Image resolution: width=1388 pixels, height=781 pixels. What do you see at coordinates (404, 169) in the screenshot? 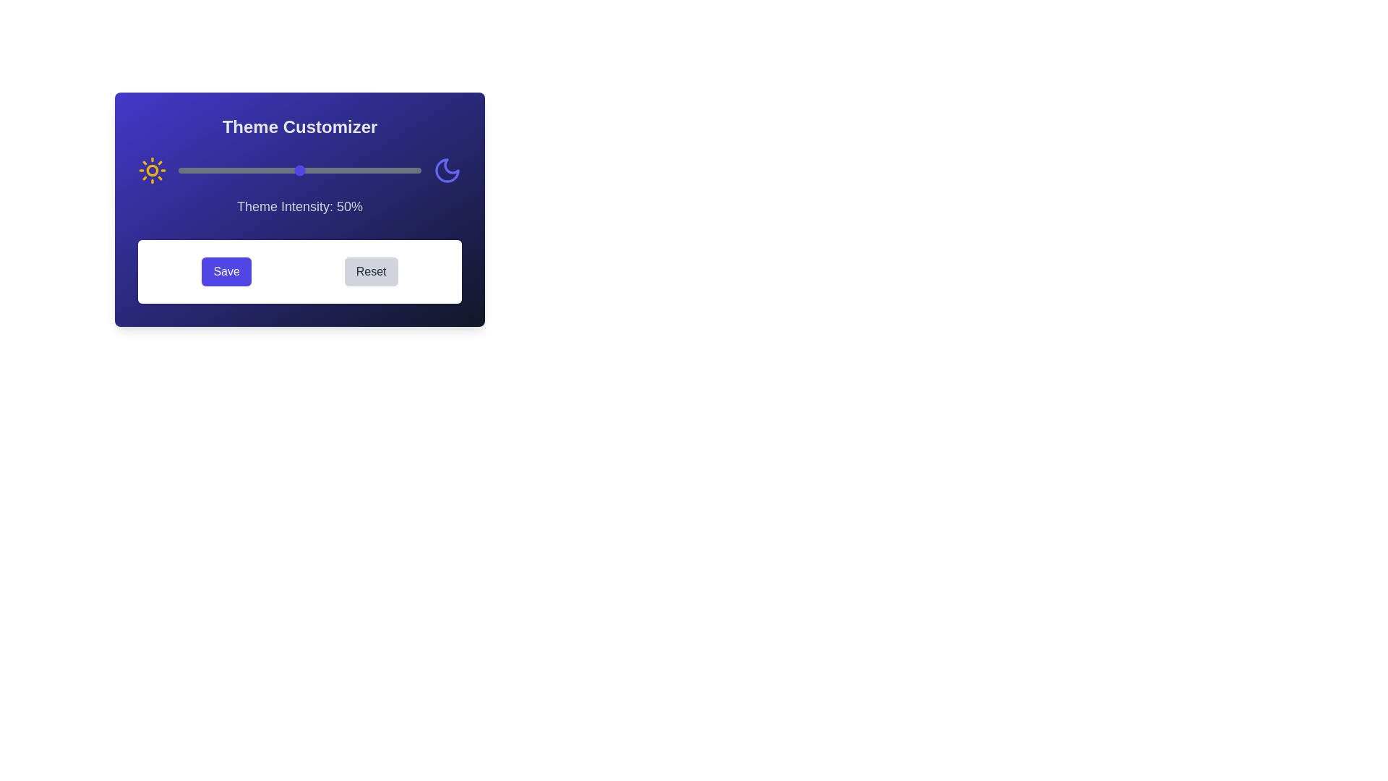
I see `the theme intensity slider to 93%` at bounding box center [404, 169].